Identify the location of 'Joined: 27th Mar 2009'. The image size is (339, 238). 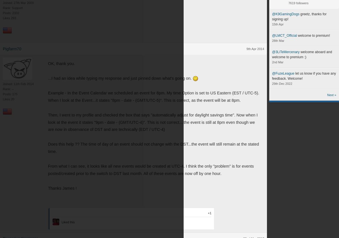
(18, 3).